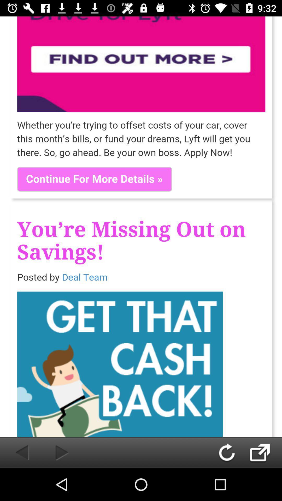 This screenshot has height=501, width=282. What do you see at coordinates (53, 452) in the screenshot?
I see `the play icon` at bounding box center [53, 452].